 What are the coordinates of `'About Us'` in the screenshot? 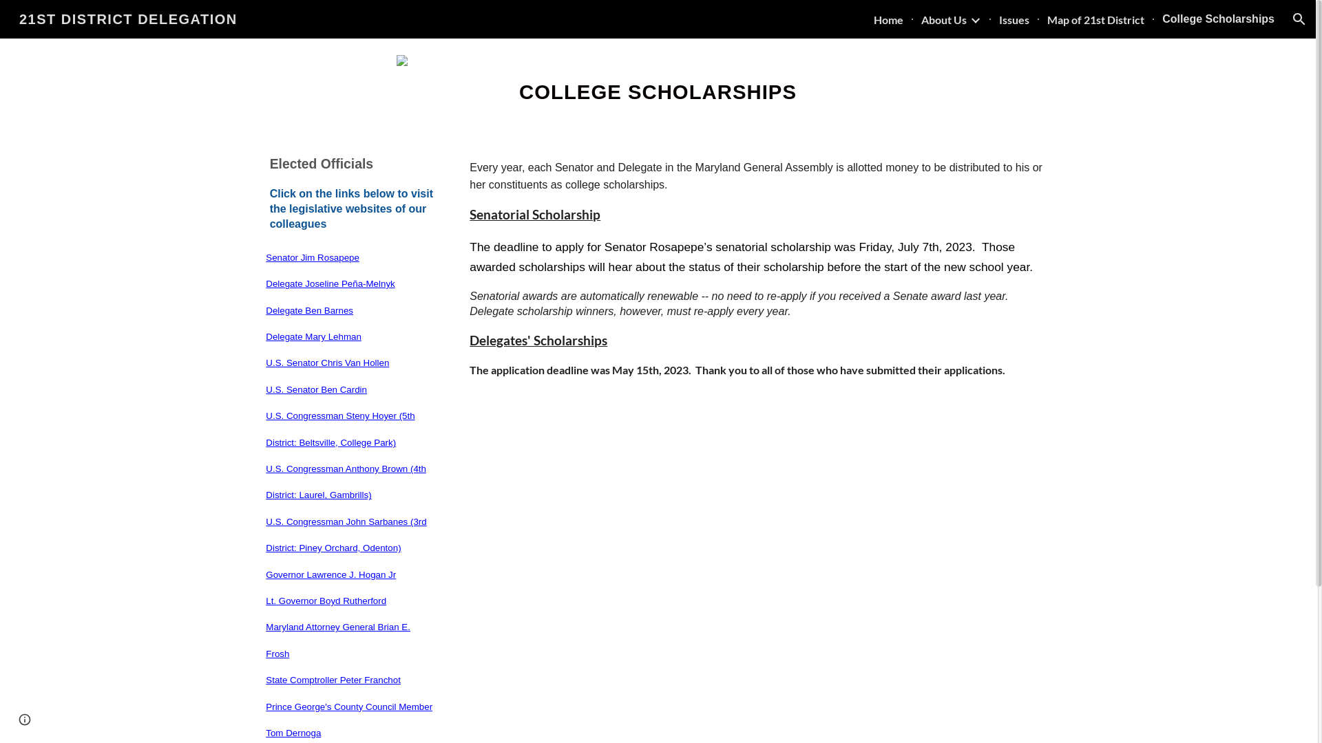 It's located at (943, 19).